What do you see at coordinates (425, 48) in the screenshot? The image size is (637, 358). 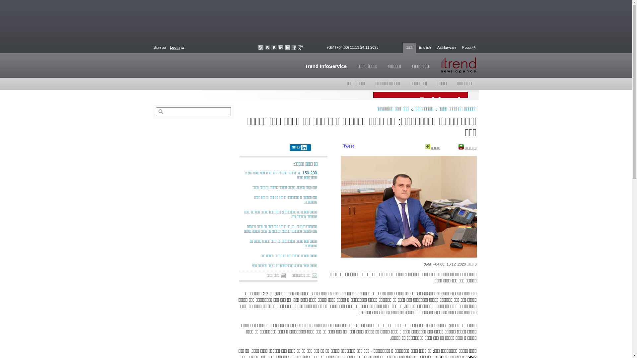 I see `'English'` at bounding box center [425, 48].